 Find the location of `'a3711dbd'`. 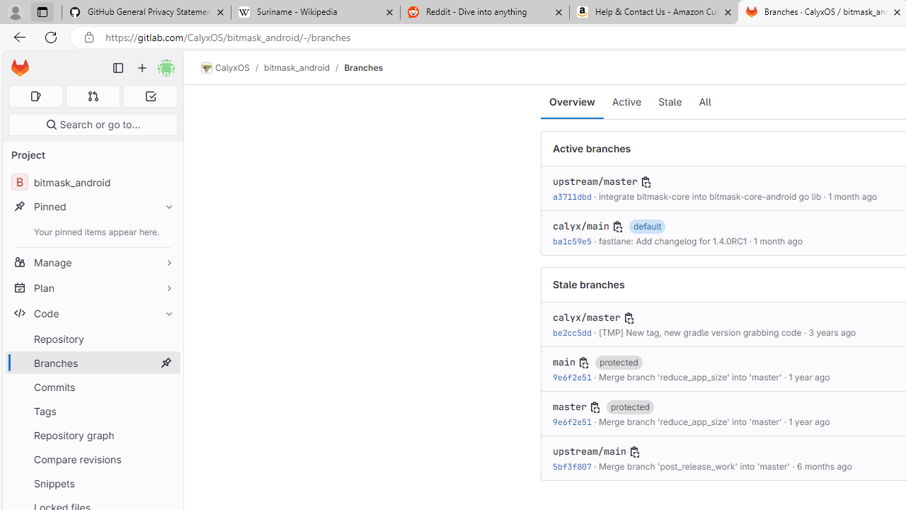

'a3711dbd' is located at coordinates (572, 196).